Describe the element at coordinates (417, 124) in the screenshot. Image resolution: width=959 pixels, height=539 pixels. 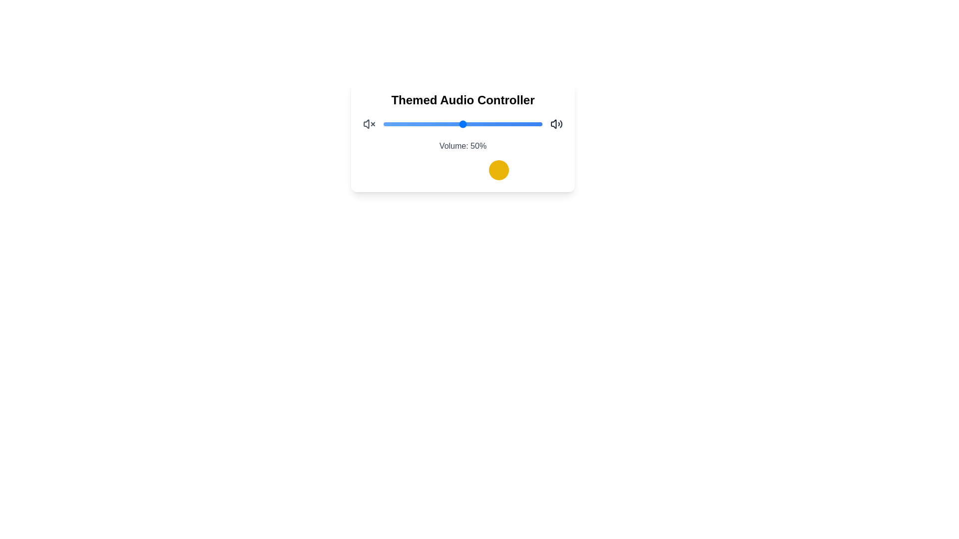
I see `the volume slider to set the volume to 21%` at that location.